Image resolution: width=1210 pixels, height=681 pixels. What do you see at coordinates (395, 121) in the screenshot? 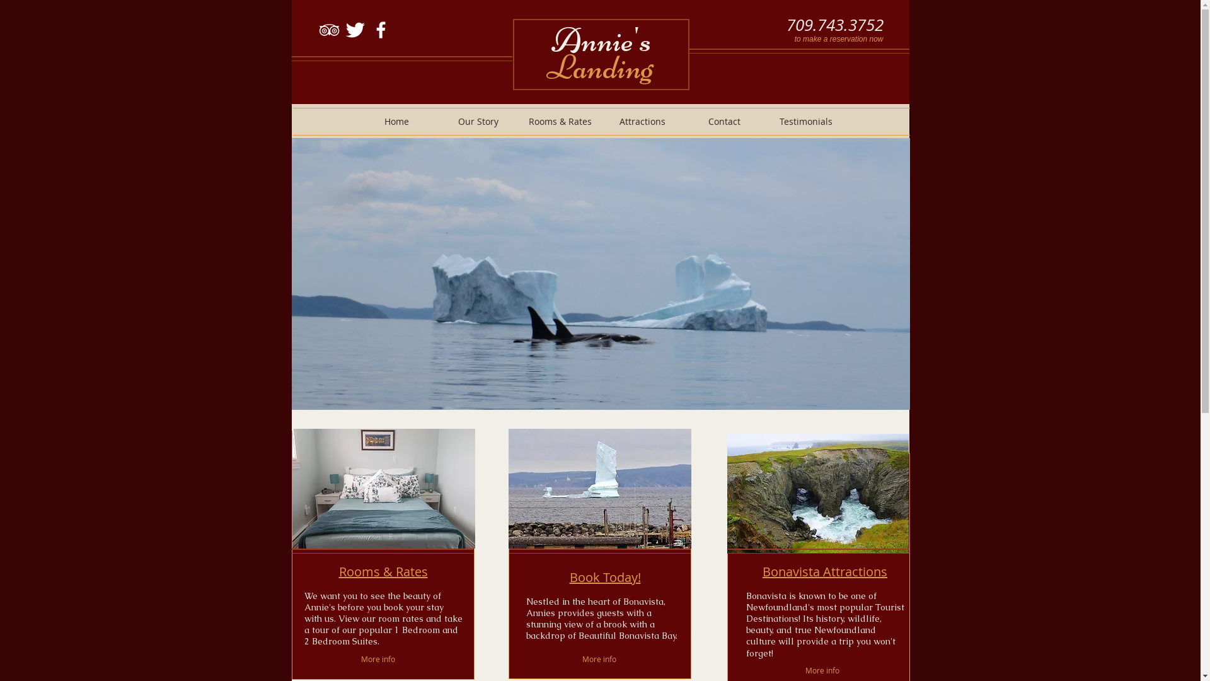
I see `'Home'` at bounding box center [395, 121].